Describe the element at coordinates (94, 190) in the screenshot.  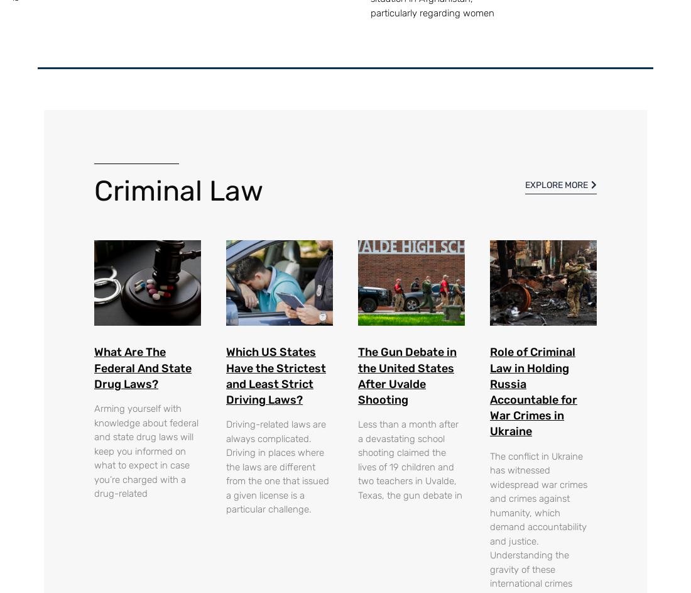
I see `'Criminal Law'` at that location.